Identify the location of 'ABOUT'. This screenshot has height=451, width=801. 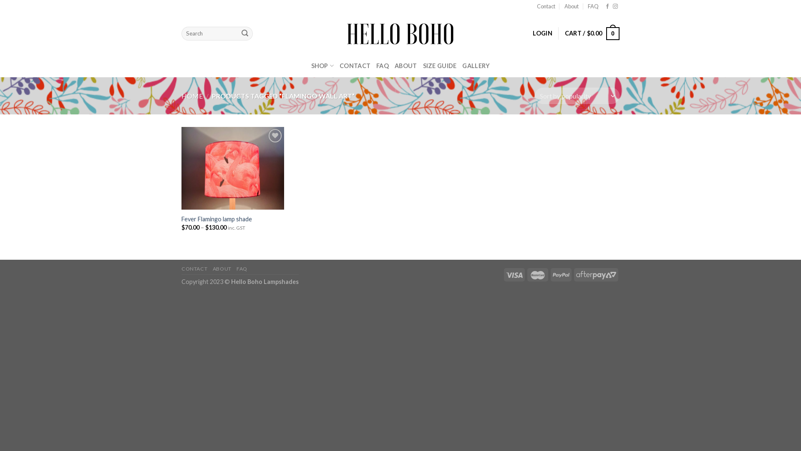
(222, 269).